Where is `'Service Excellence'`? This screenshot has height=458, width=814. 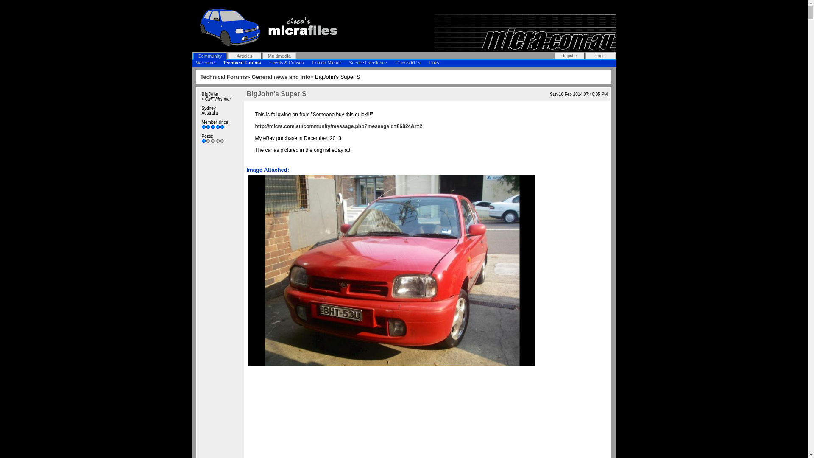 'Service Excellence' is located at coordinates (368, 63).